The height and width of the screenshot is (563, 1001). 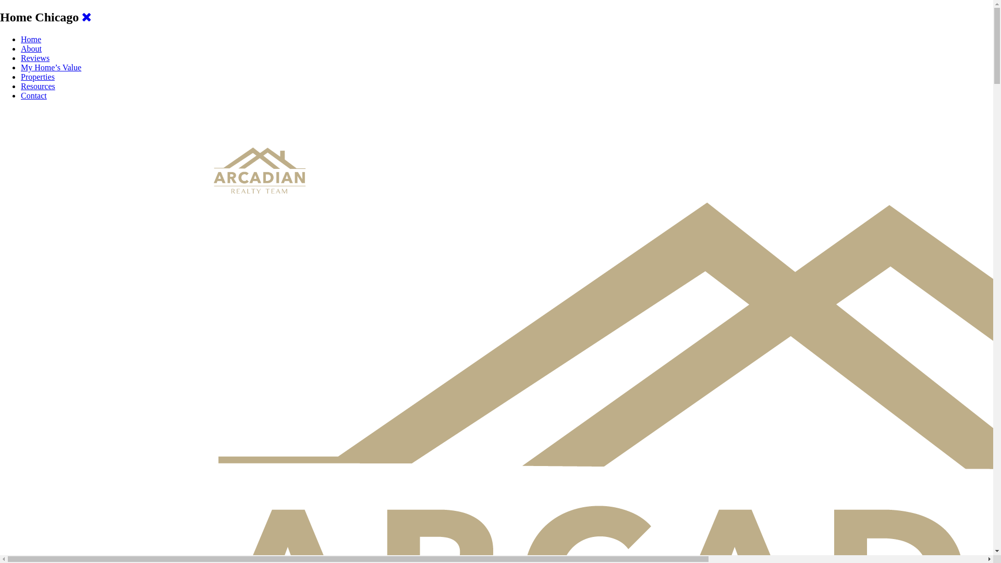 I want to click on 'Contact', so click(x=20, y=95).